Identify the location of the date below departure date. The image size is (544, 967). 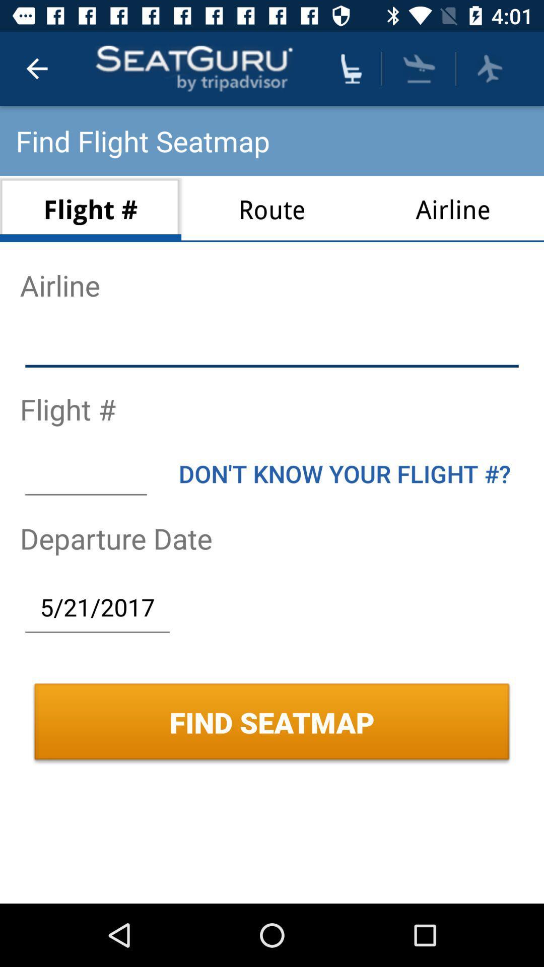
(97, 606).